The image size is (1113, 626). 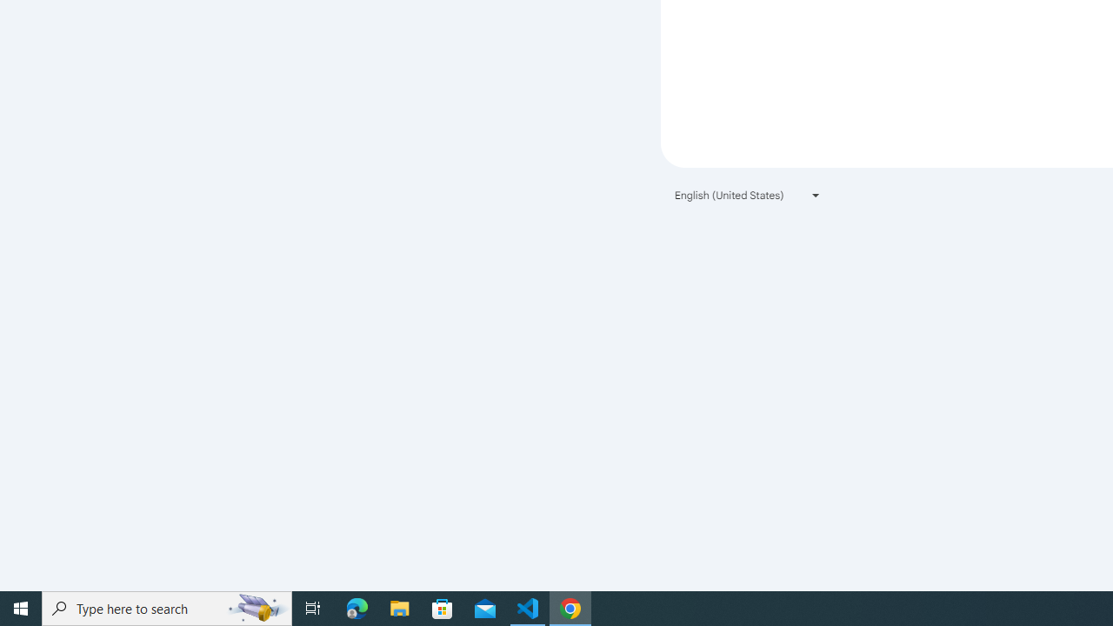 I want to click on 'English (United States)', so click(x=748, y=195).